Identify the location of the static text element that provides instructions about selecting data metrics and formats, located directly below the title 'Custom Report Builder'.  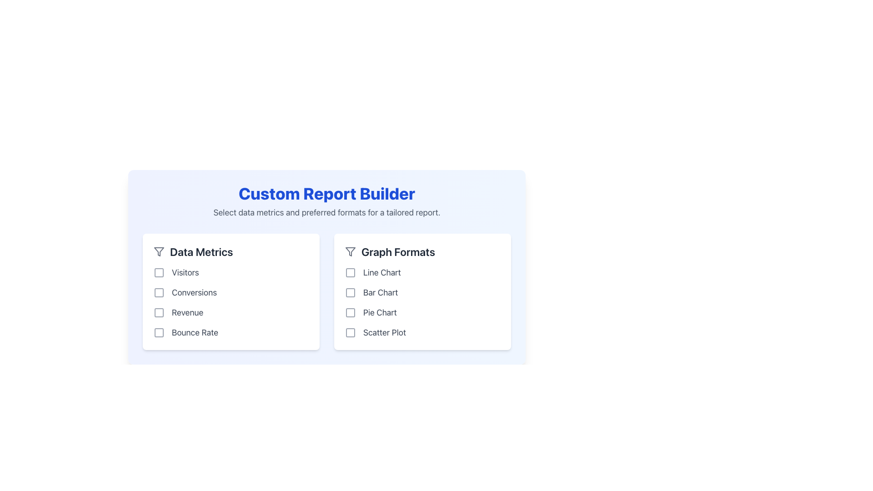
(327, 212).